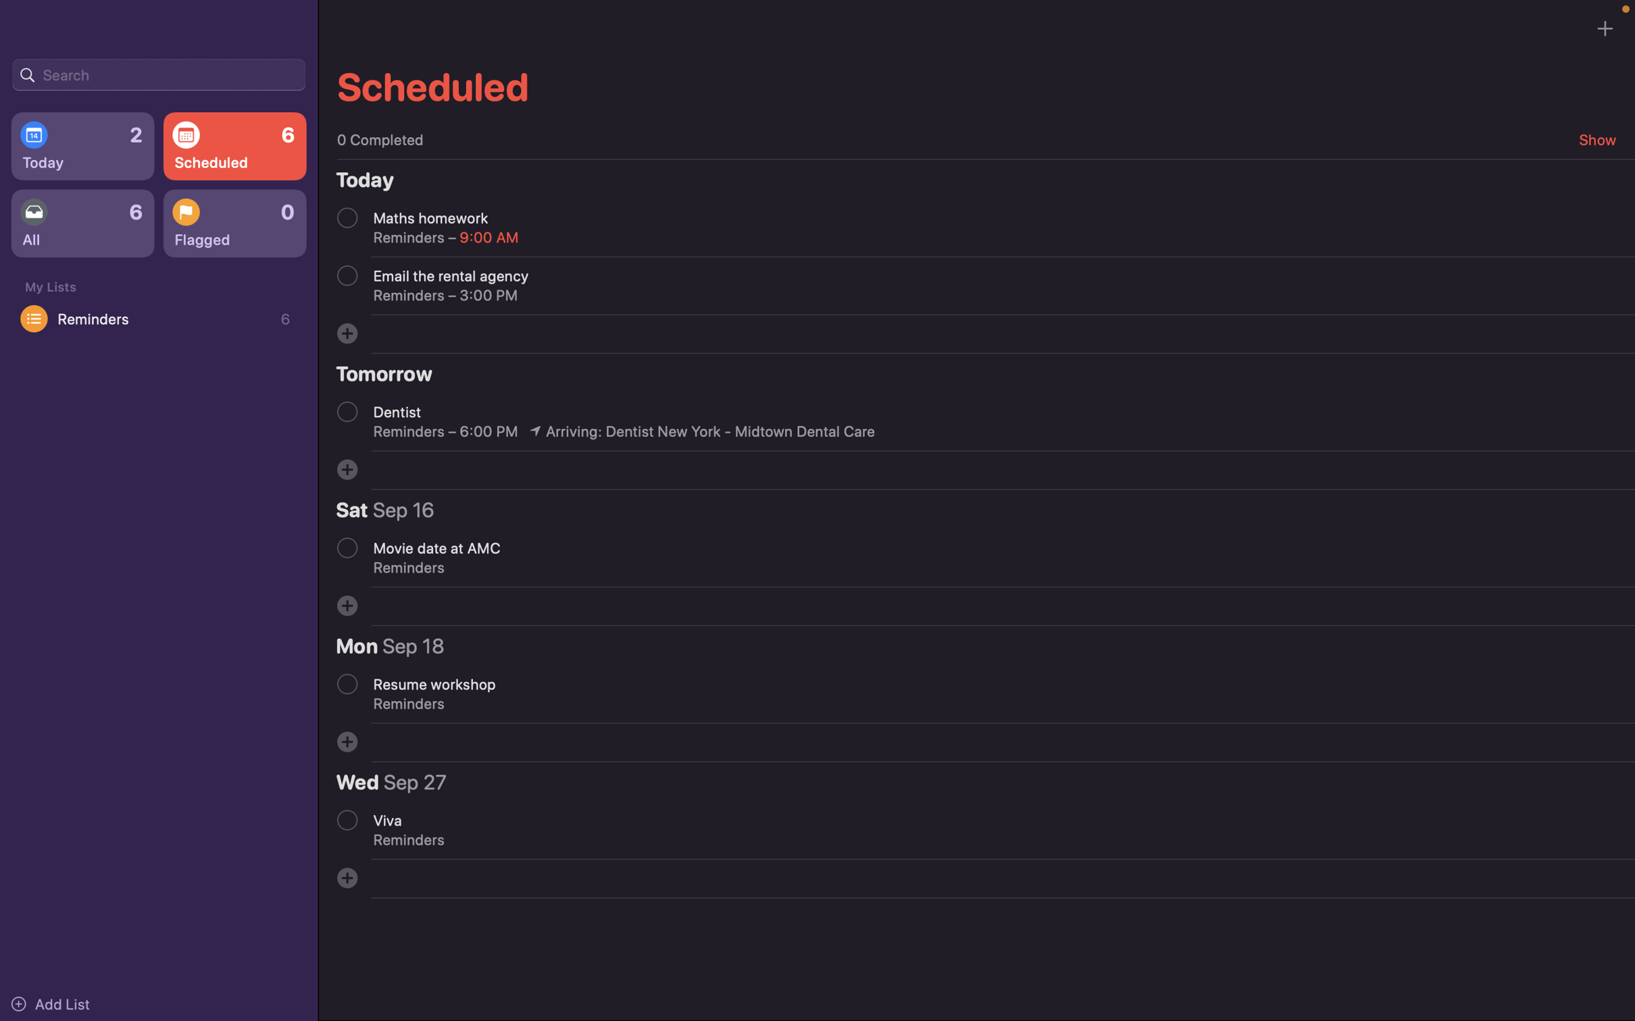  What do you see at coordinates (158, 73) in the screenshot?
I see `Search and view all the 2022 year"s events` at bounding box center [158, 73].